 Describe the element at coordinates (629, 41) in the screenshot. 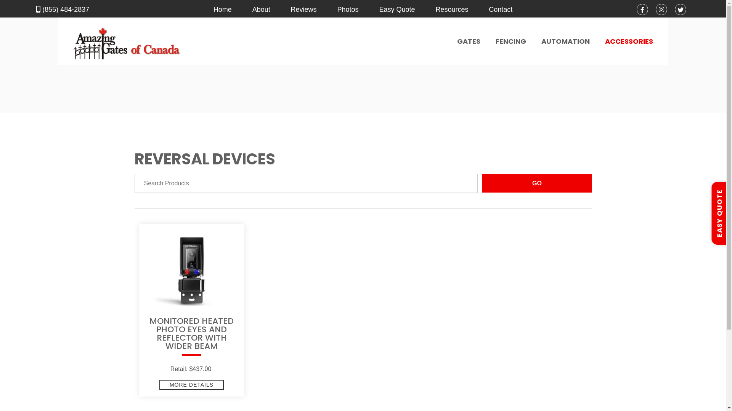

I see `'ACCESSORIES'` at that location.